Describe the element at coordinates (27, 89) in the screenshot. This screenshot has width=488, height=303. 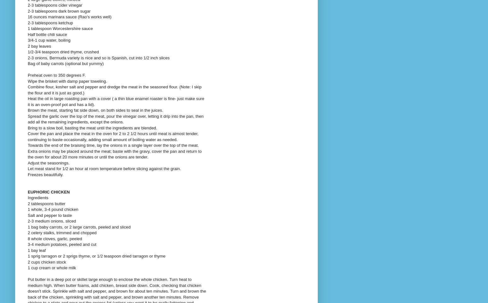
I see `'Combine flour,  kosher salt and pepper and dredge the meat in the seasoned flour. (Note: I skip the flour and it is just as good.)'` at that location.